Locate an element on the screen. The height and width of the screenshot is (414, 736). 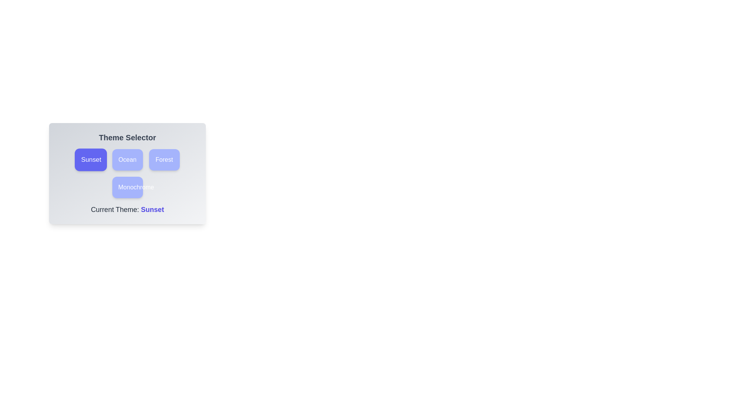
the theme Ocean by clicking on its corresponding button is located at coordinates (127, 159).